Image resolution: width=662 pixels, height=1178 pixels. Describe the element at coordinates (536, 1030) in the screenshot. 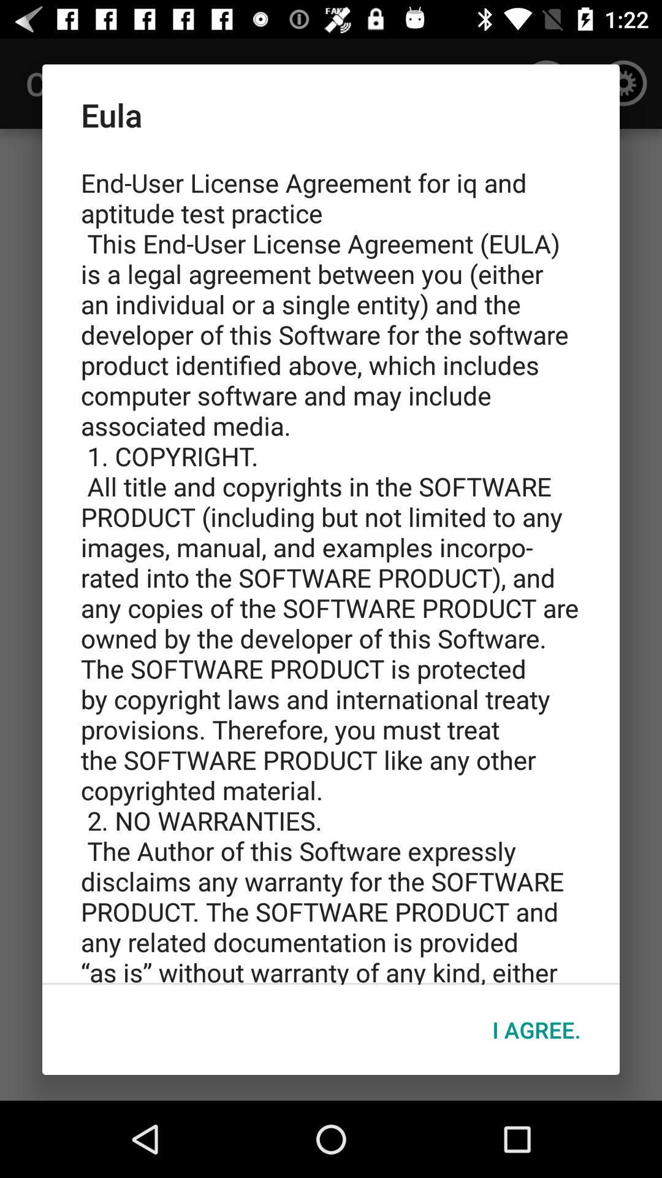

I see `the i agree. item` at that location.